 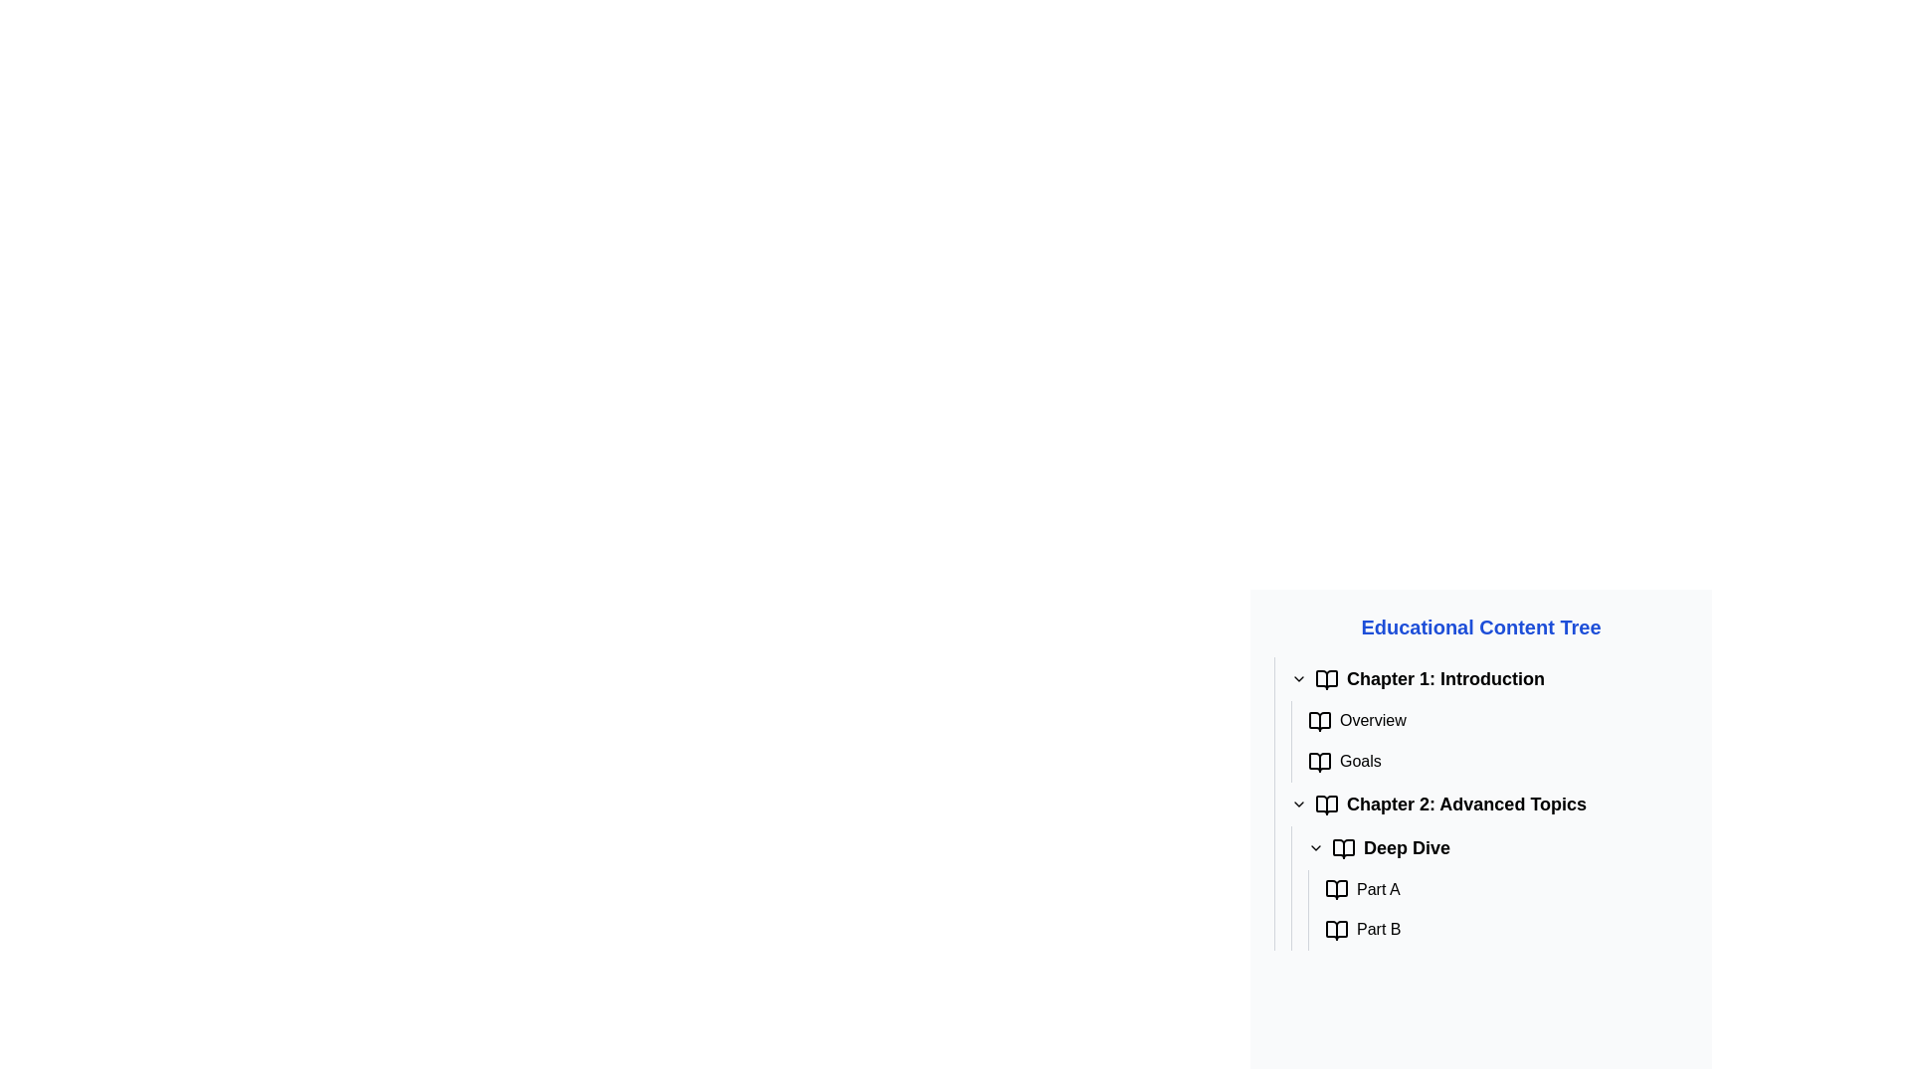 What do you see at coordinates (1316, 847) in the screenshot?
I see `the downward-pointing chevron icon located to the left of the text 'Deep Dive'` at bounding box center [1316, 847].